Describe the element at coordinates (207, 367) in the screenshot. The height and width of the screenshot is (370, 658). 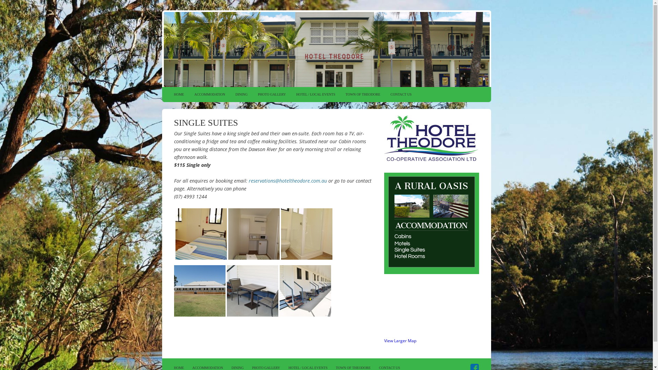
I see `'ACCOMMODATION'` at that location.